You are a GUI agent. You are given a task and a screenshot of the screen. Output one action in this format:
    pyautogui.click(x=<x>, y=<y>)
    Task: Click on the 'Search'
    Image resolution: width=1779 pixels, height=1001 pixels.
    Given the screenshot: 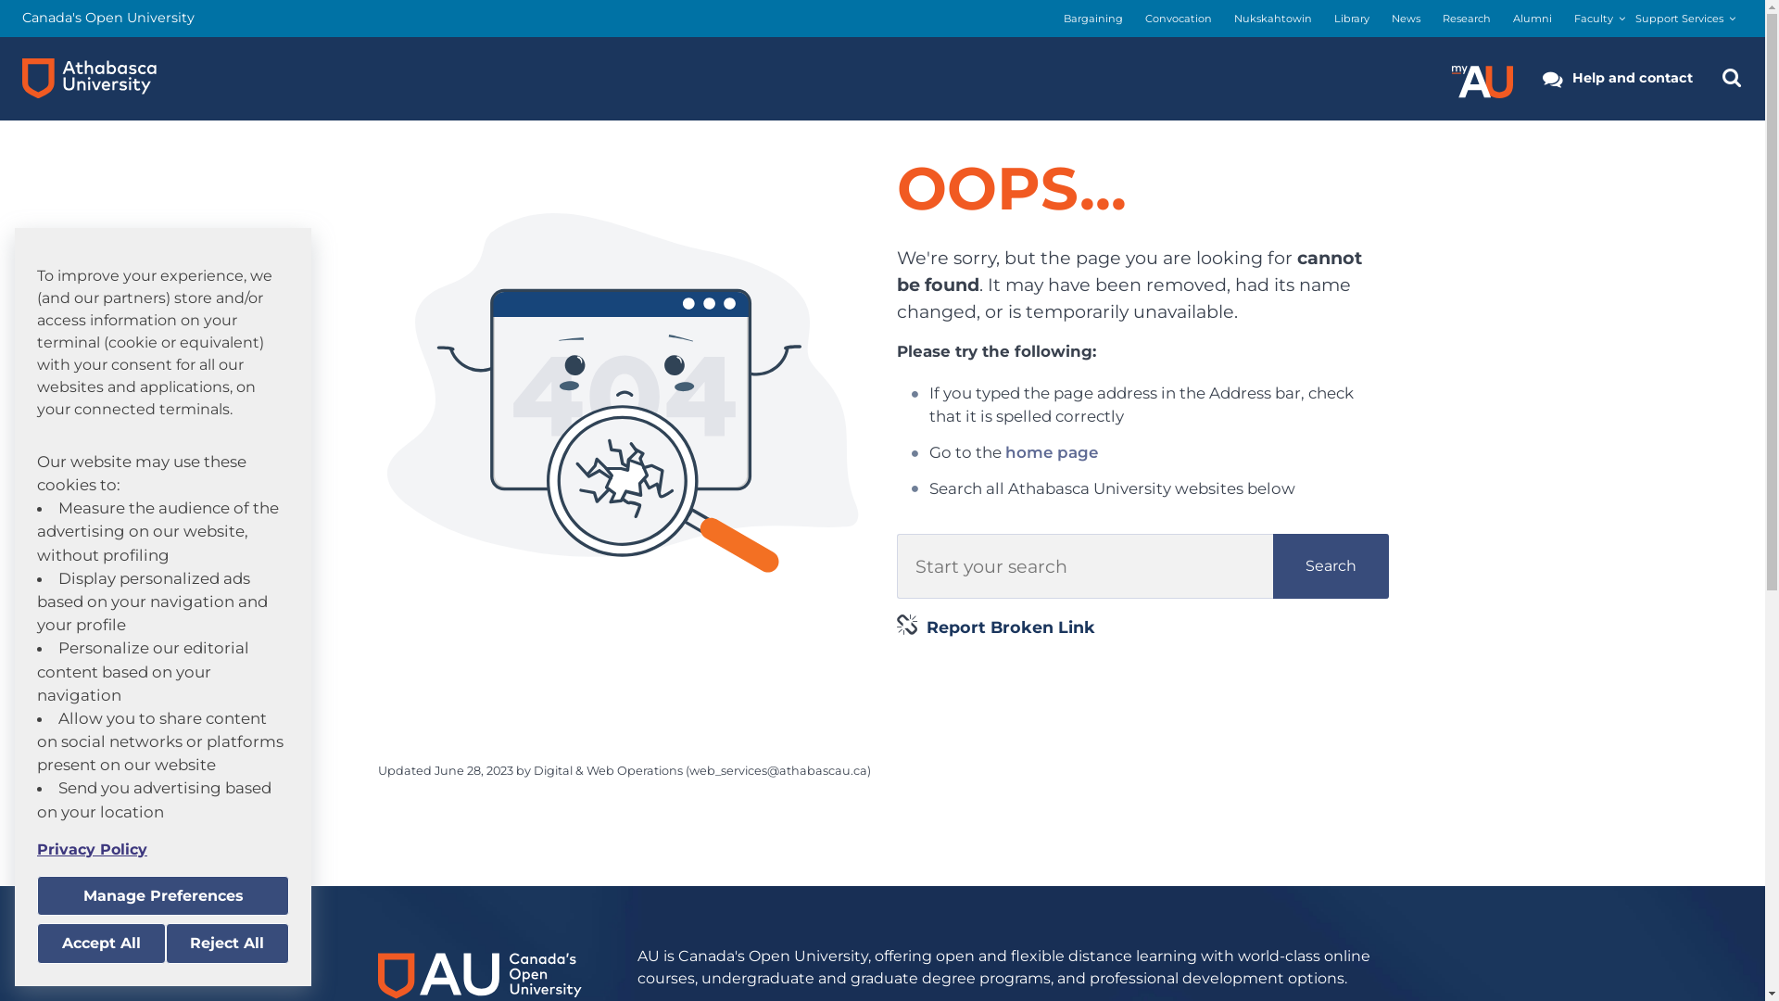 What is the action you would take?
    pyautogui.click(x=1330, y=564)
    